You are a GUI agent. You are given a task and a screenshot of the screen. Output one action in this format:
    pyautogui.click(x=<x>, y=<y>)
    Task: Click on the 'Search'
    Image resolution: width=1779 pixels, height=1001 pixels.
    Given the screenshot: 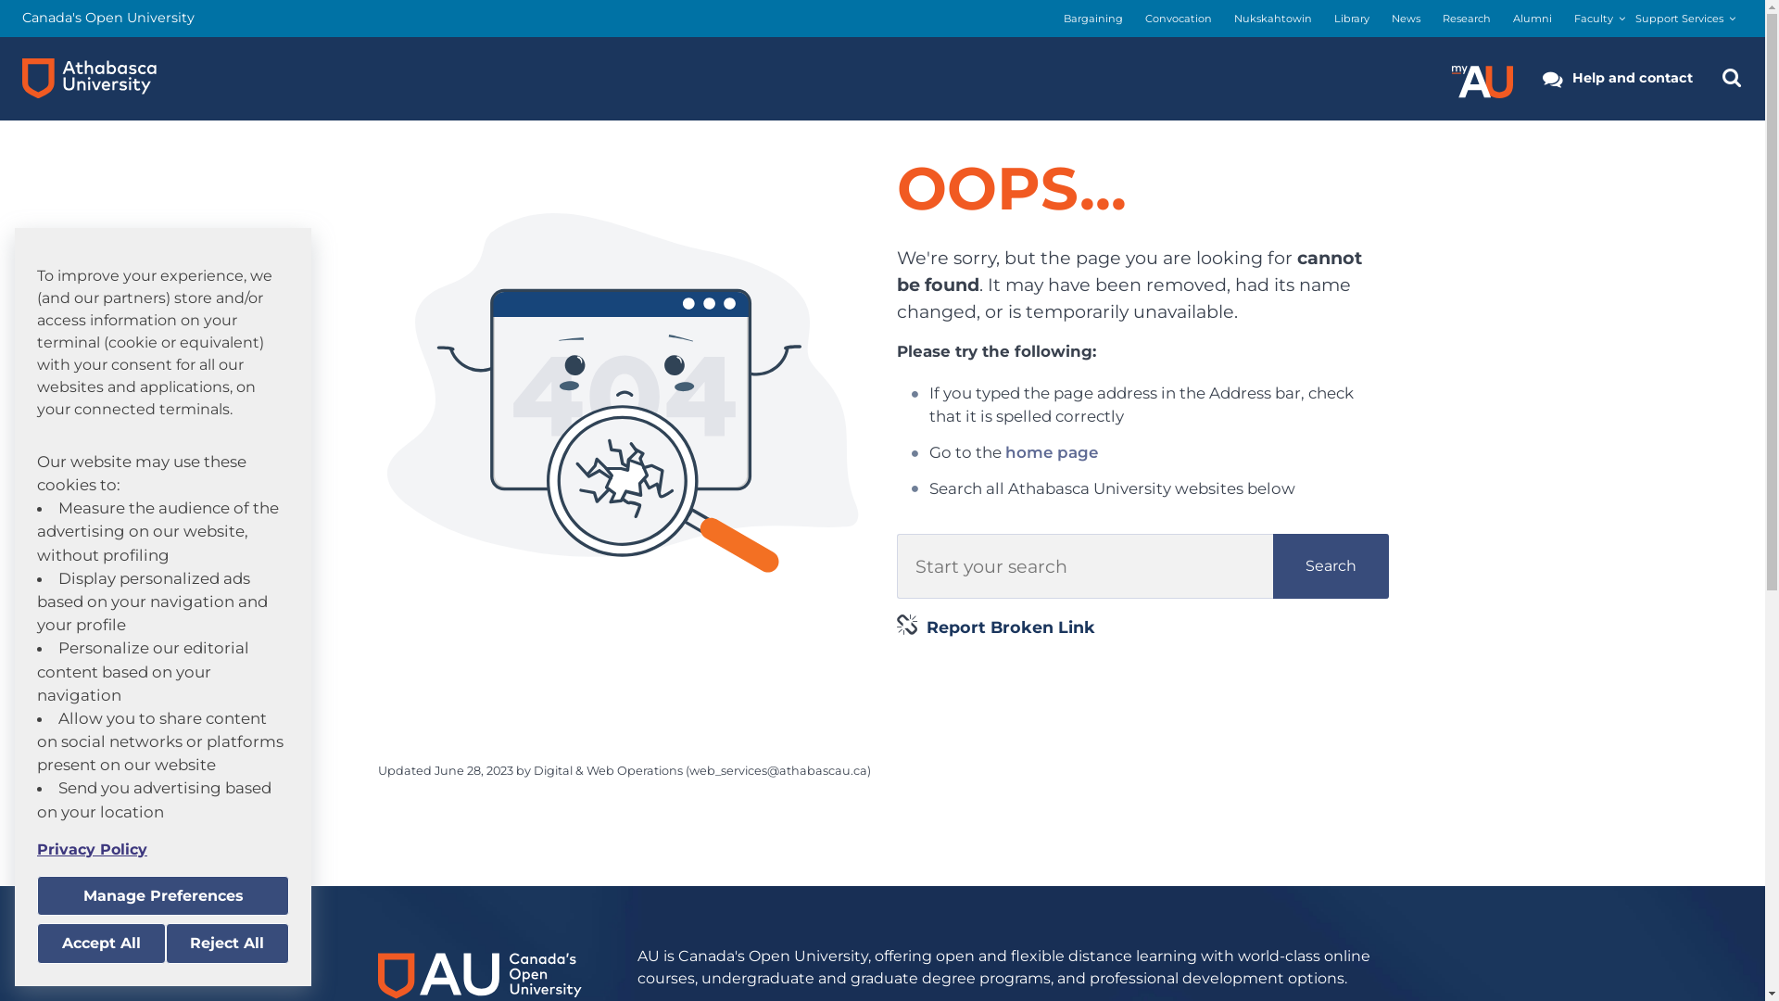 What is the action you would take?
    pyautogui.click(x=1330, y=564)
    